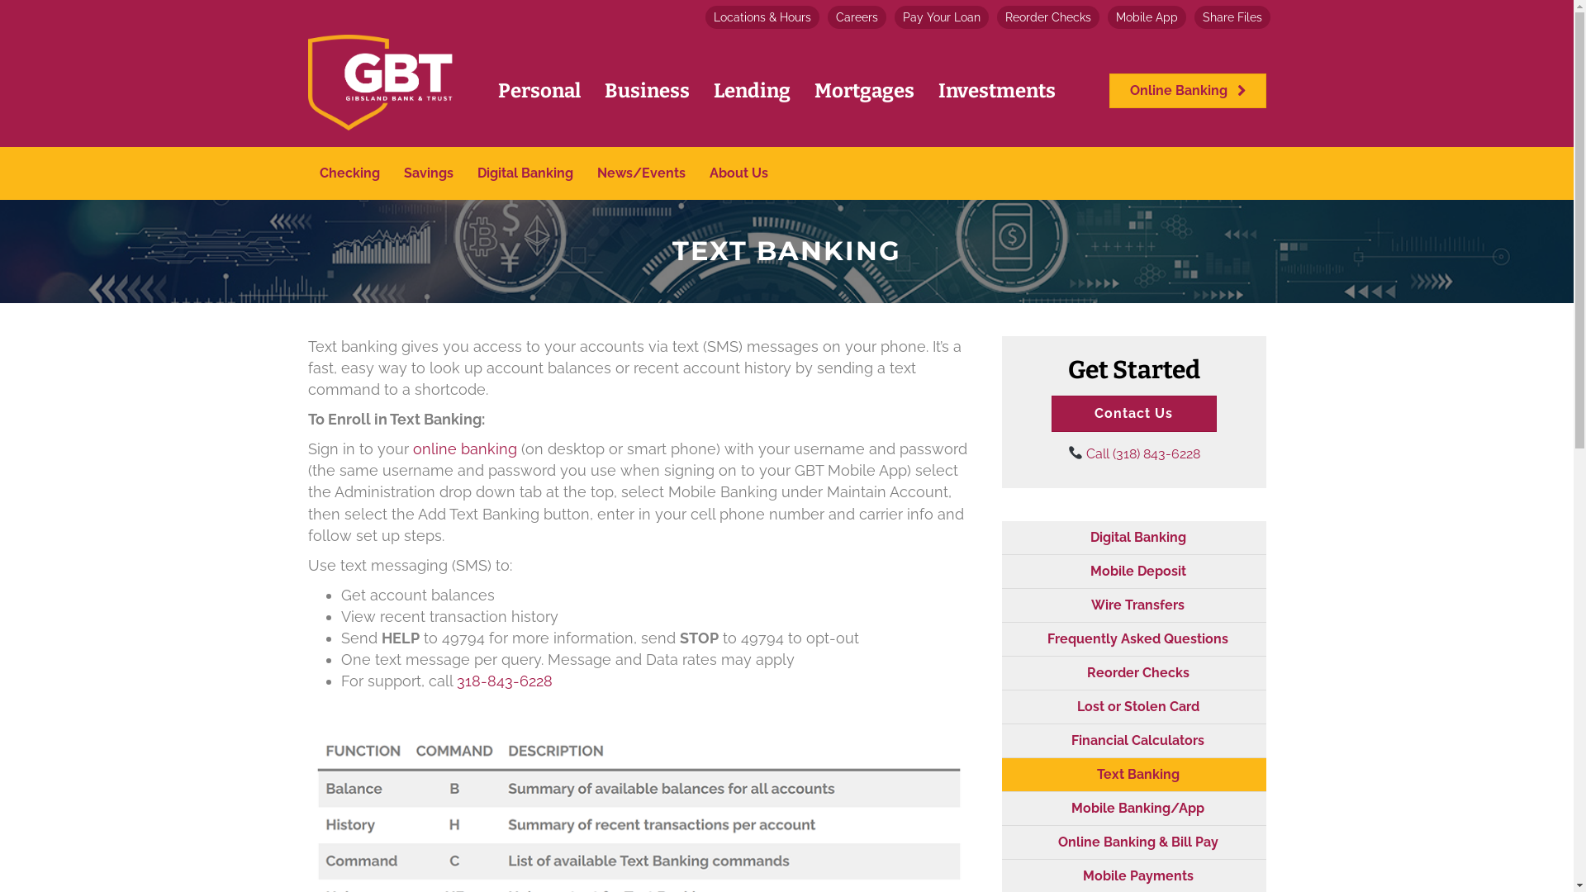 This screenshot has width=1586, height=892. Describe the element at coordinates (1133, 706) in the screenshot. I see `'Lost or Stolen Card'` at that location.